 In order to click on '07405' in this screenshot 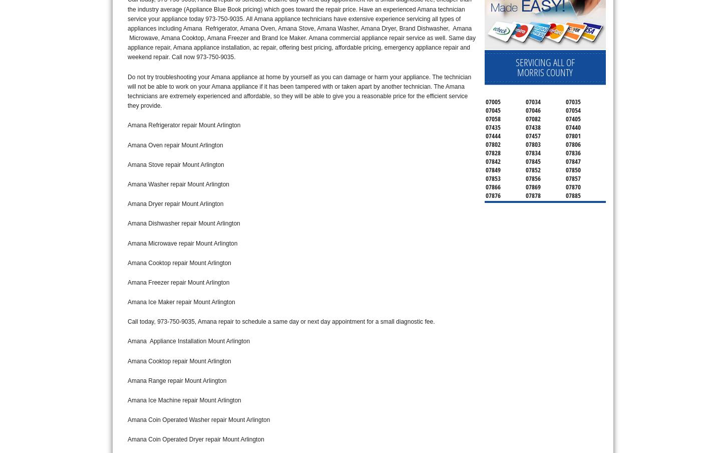, I will do `click(565, 118)`.